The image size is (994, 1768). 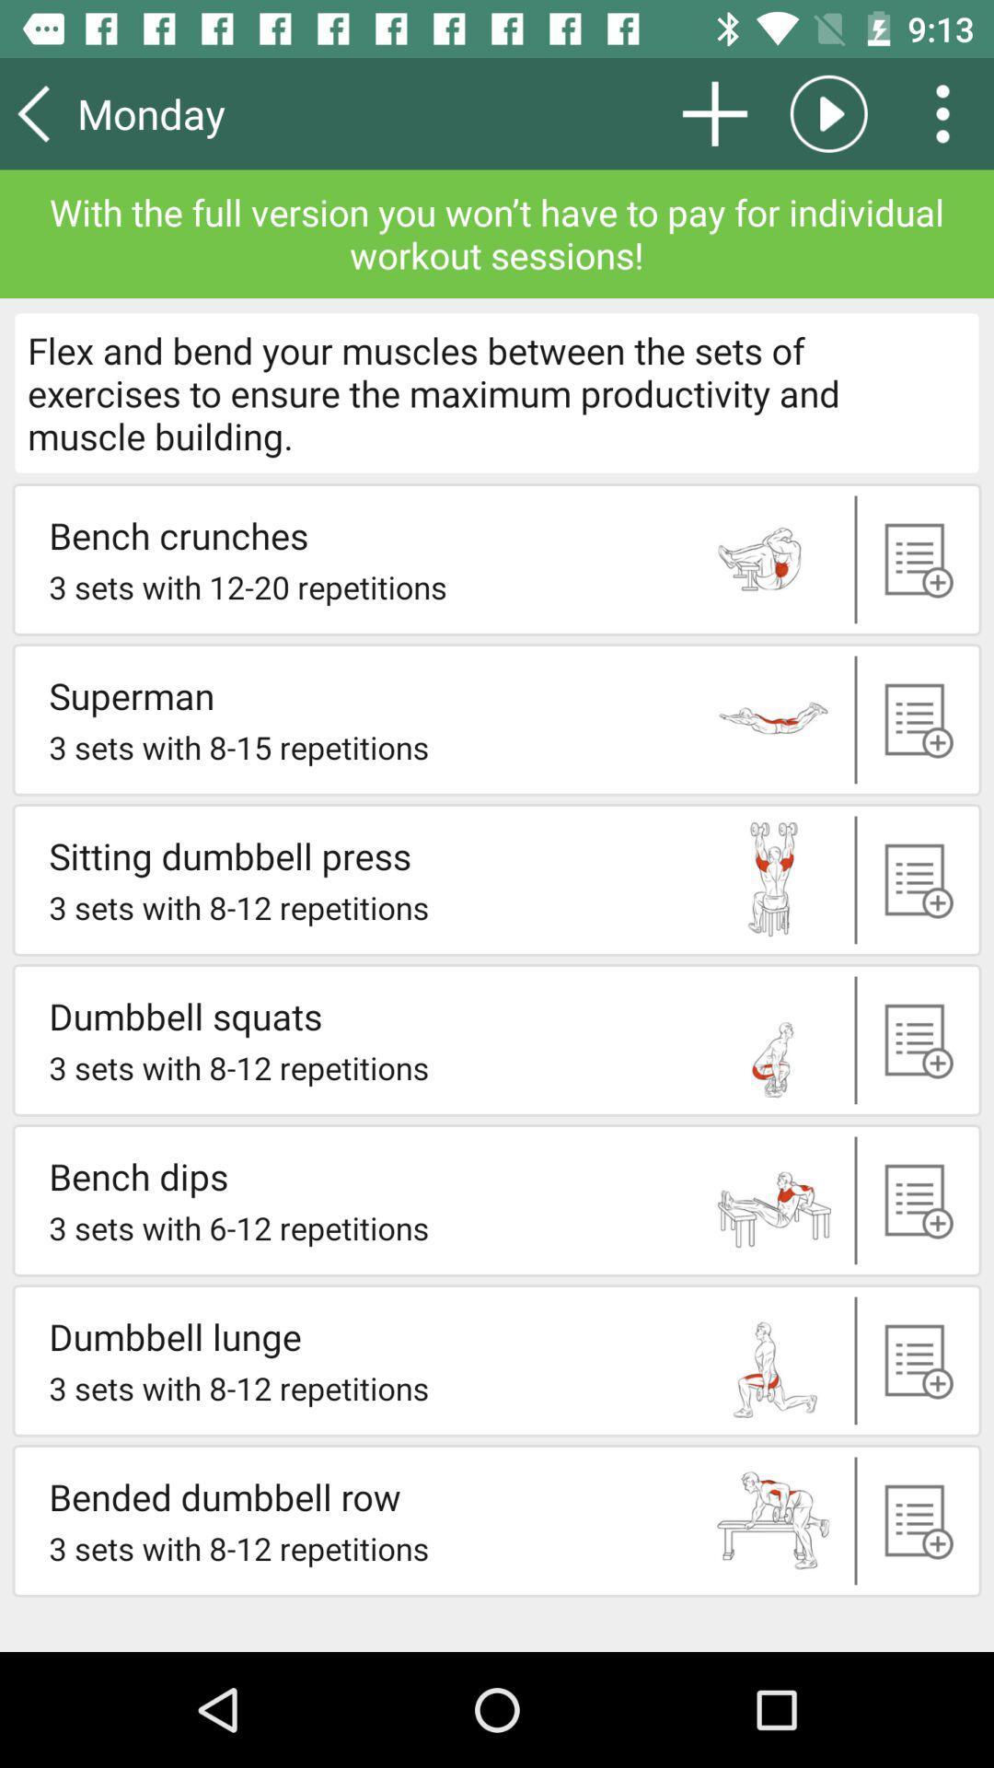 I want to click on the play icon, so click(x=828, y=112).